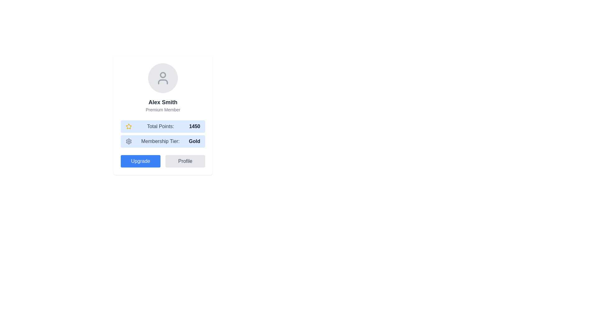 Image resolution: width=596 pixels, height=335 pixels. I want to click on the star icon located to the left of the 'Total Points' numeric value '1450' within the card section of the interface, so click(128, 126).